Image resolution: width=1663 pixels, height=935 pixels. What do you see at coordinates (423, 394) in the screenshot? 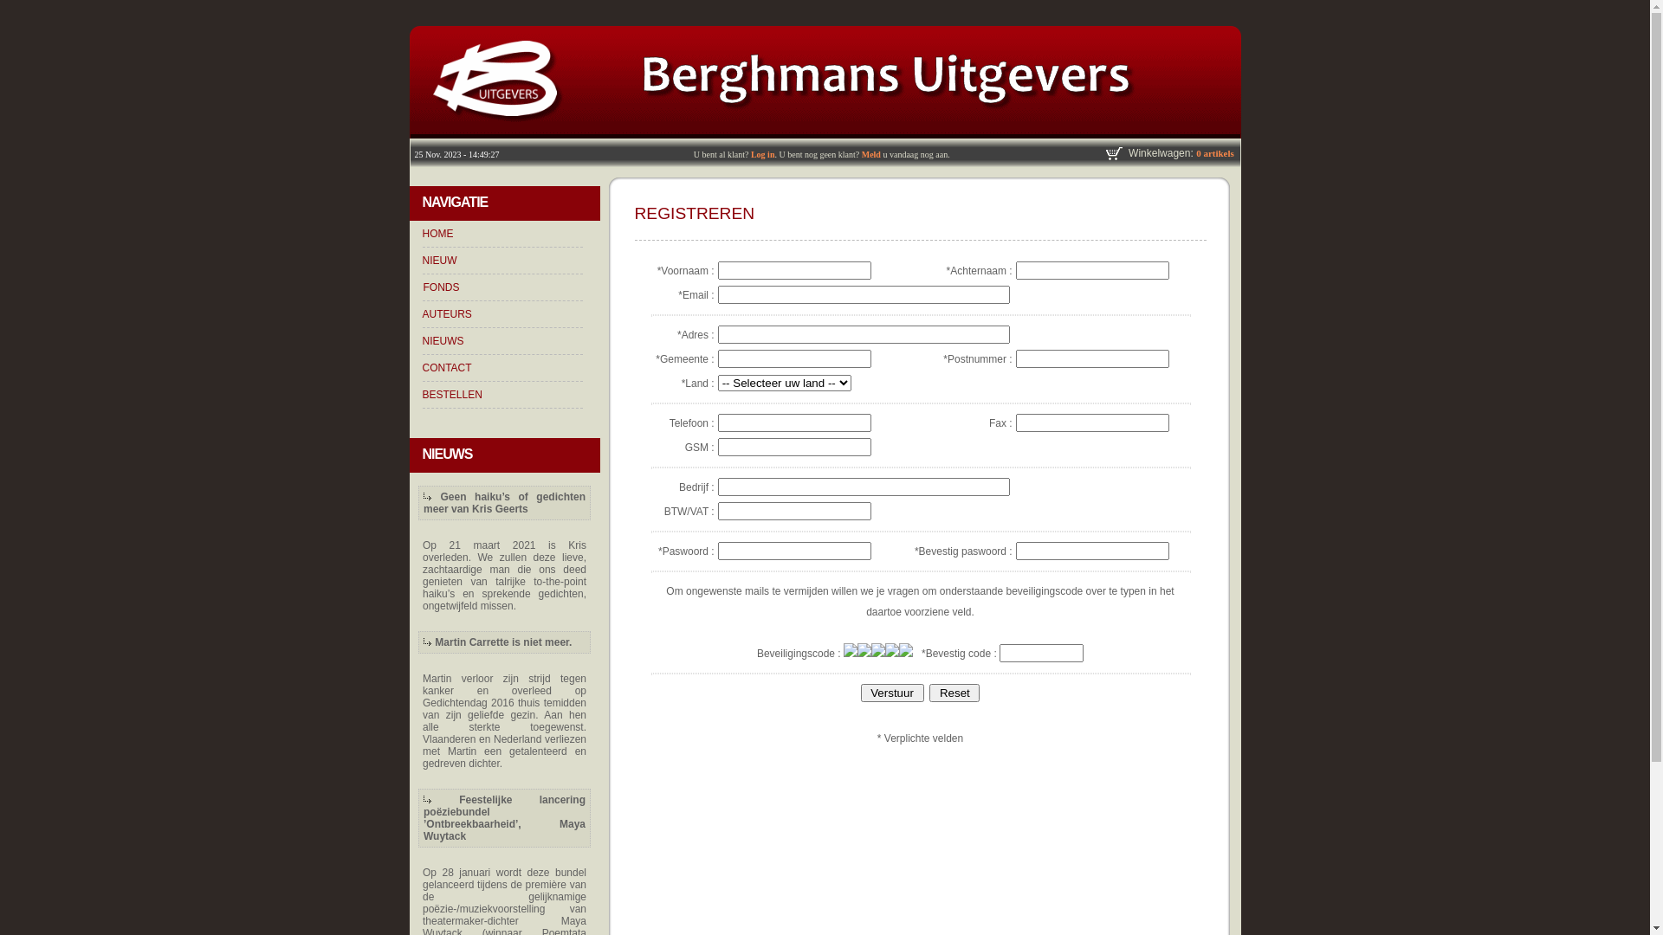
I see `'BESTELLEN'` at bounding box center [423, 394].